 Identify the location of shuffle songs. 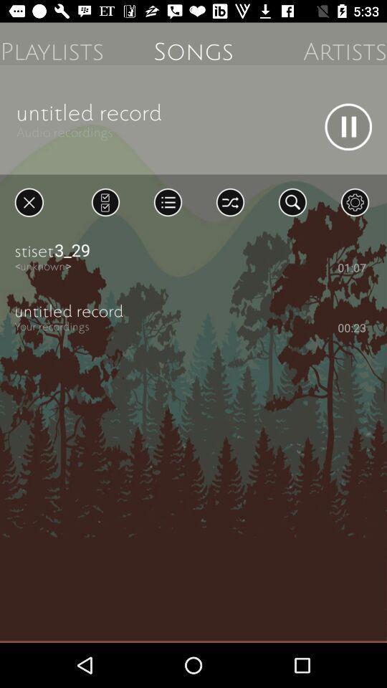
(230, 201).